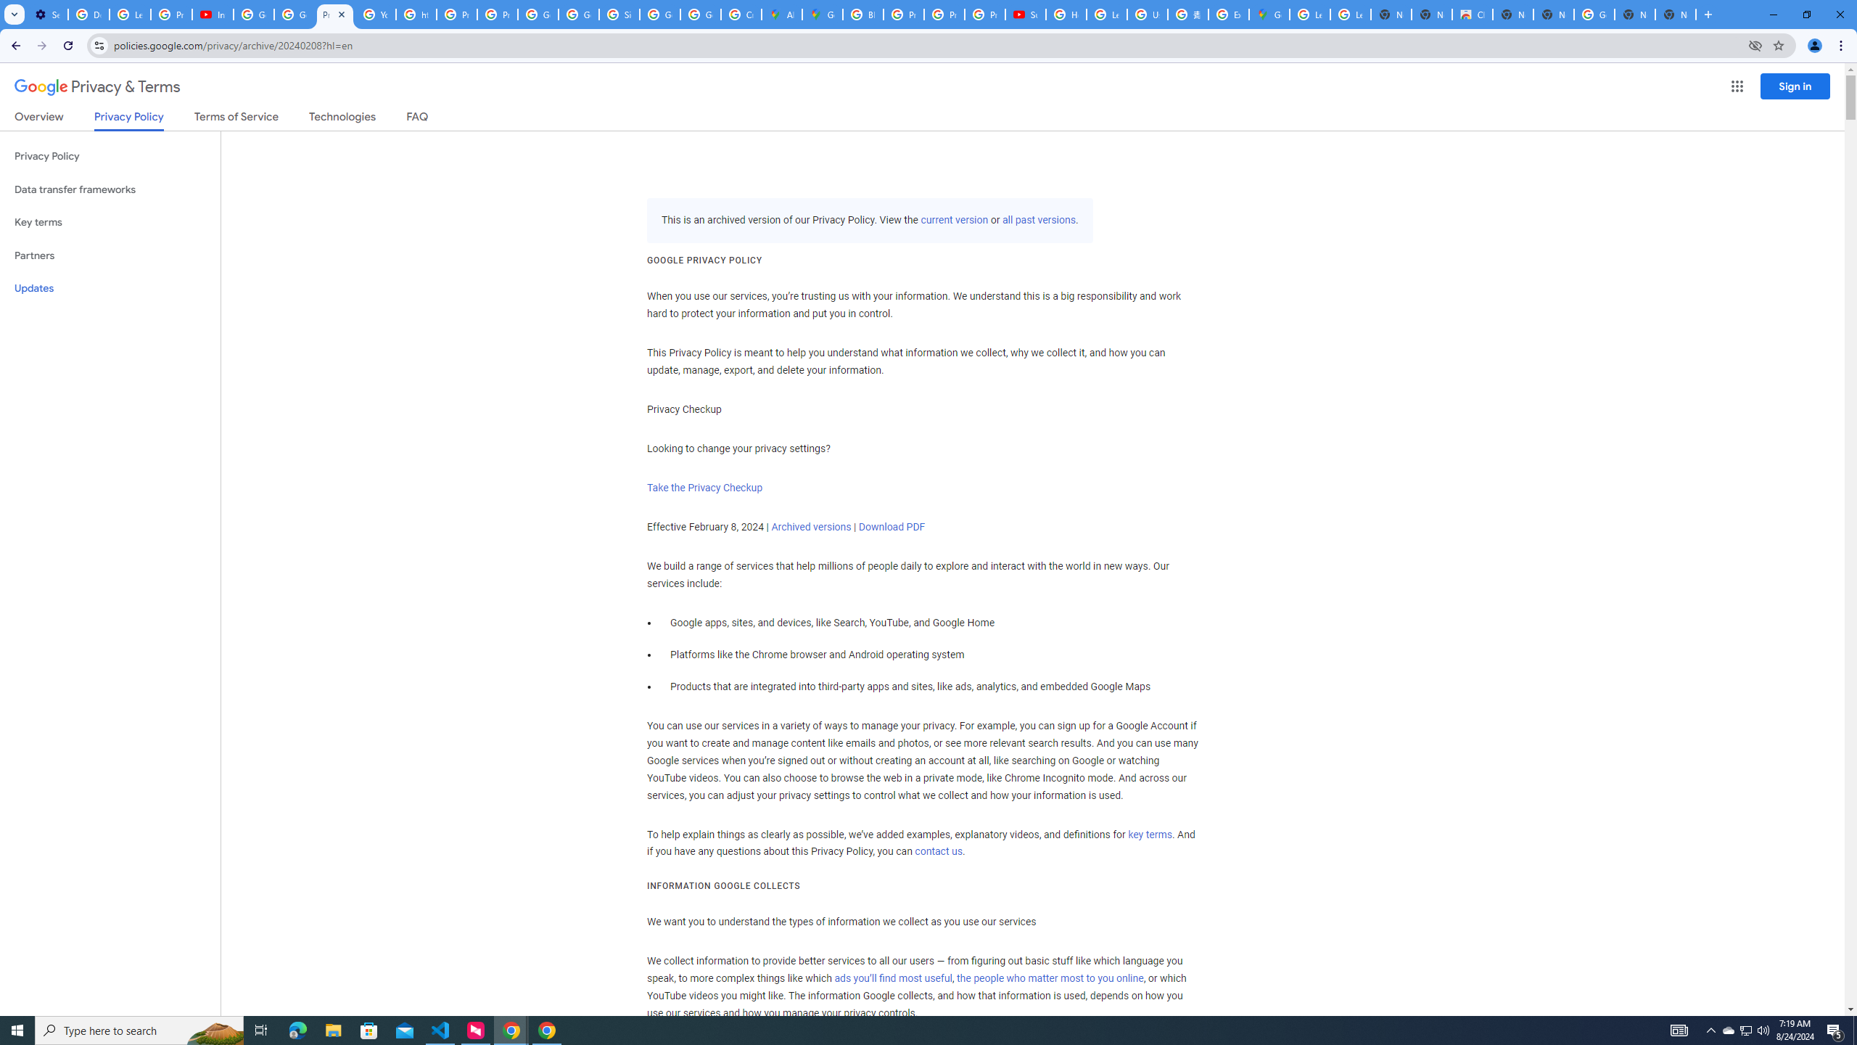  Describe the element at coordinates (1026, 14) in the screenshot. I see `'Subscriptions - YouTube'` at that location.